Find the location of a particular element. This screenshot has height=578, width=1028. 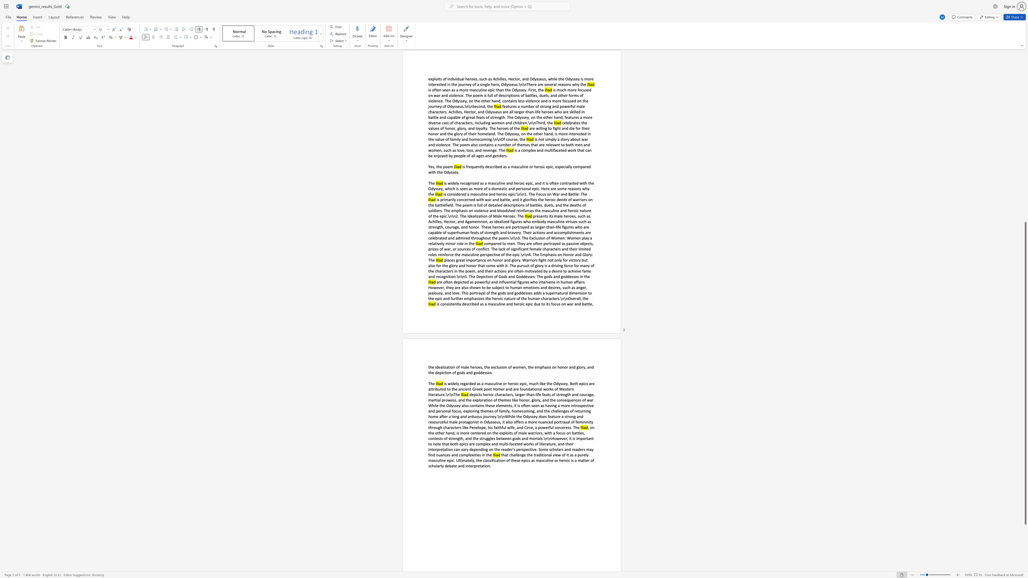

the scrollbar is located at coordinates (1025, 219).